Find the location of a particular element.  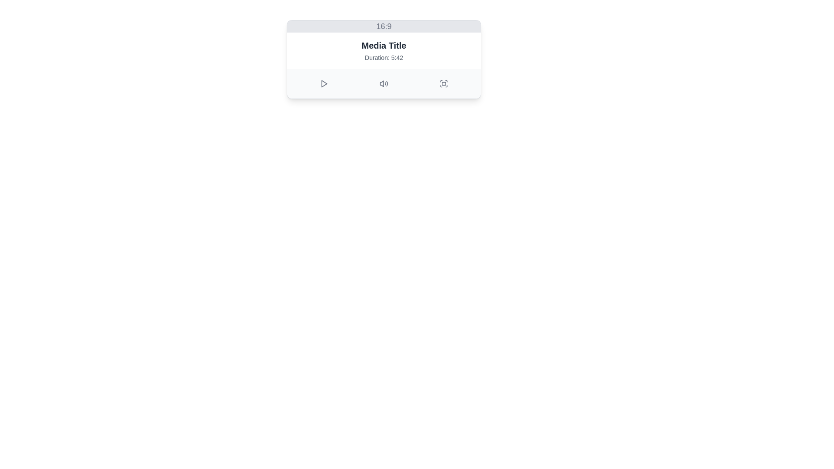

the leftmost circular button in the media control bar is located at coordinates (323, 83).